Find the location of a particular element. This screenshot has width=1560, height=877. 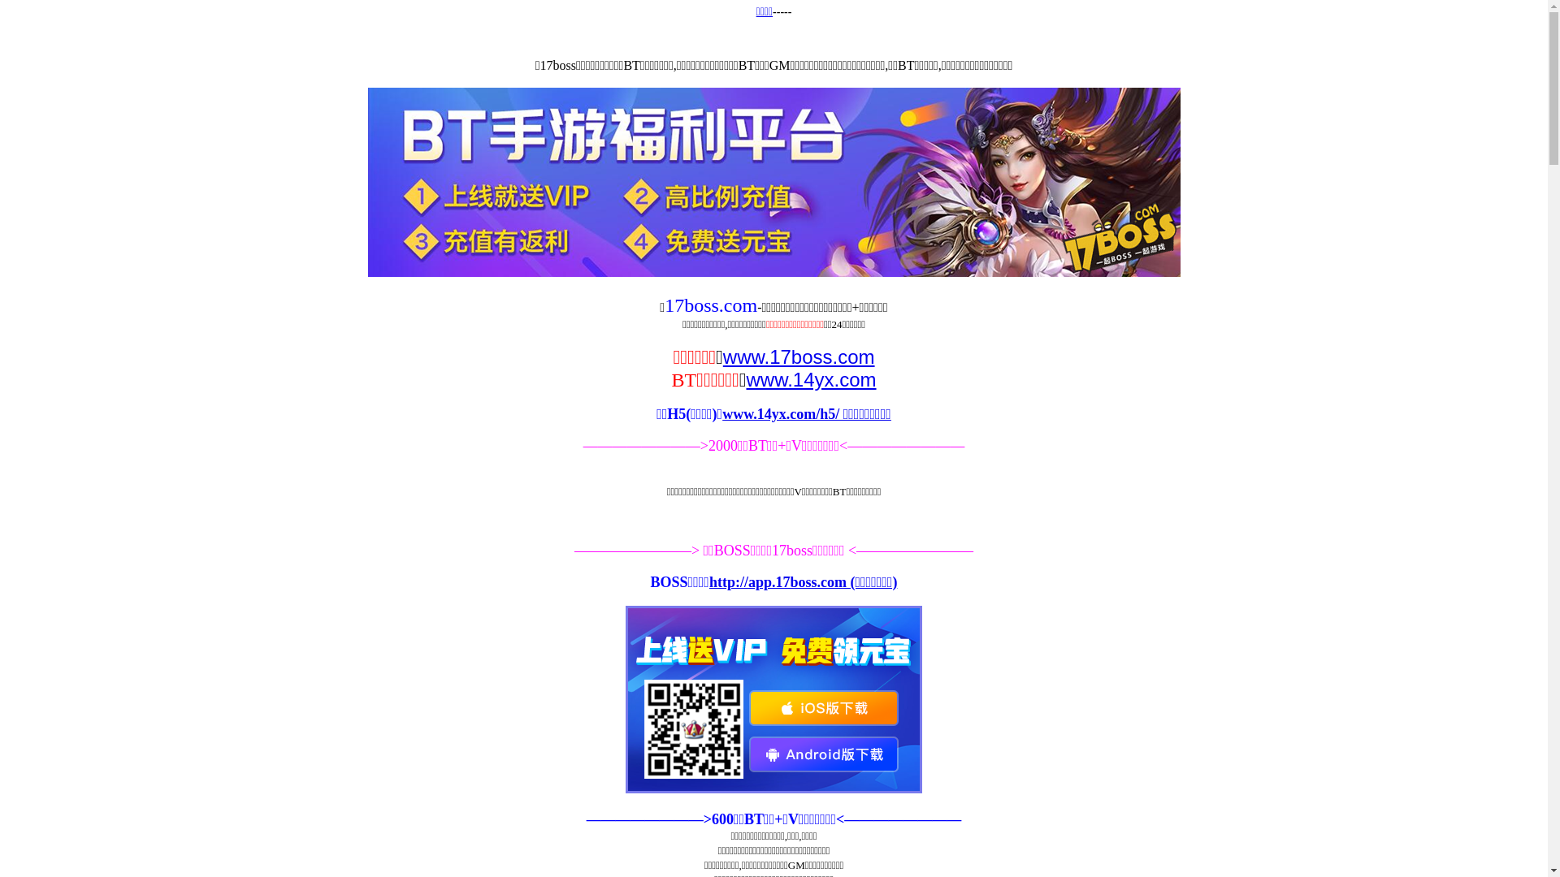

'www.17boss.com' is located at coordinates (721, 356).